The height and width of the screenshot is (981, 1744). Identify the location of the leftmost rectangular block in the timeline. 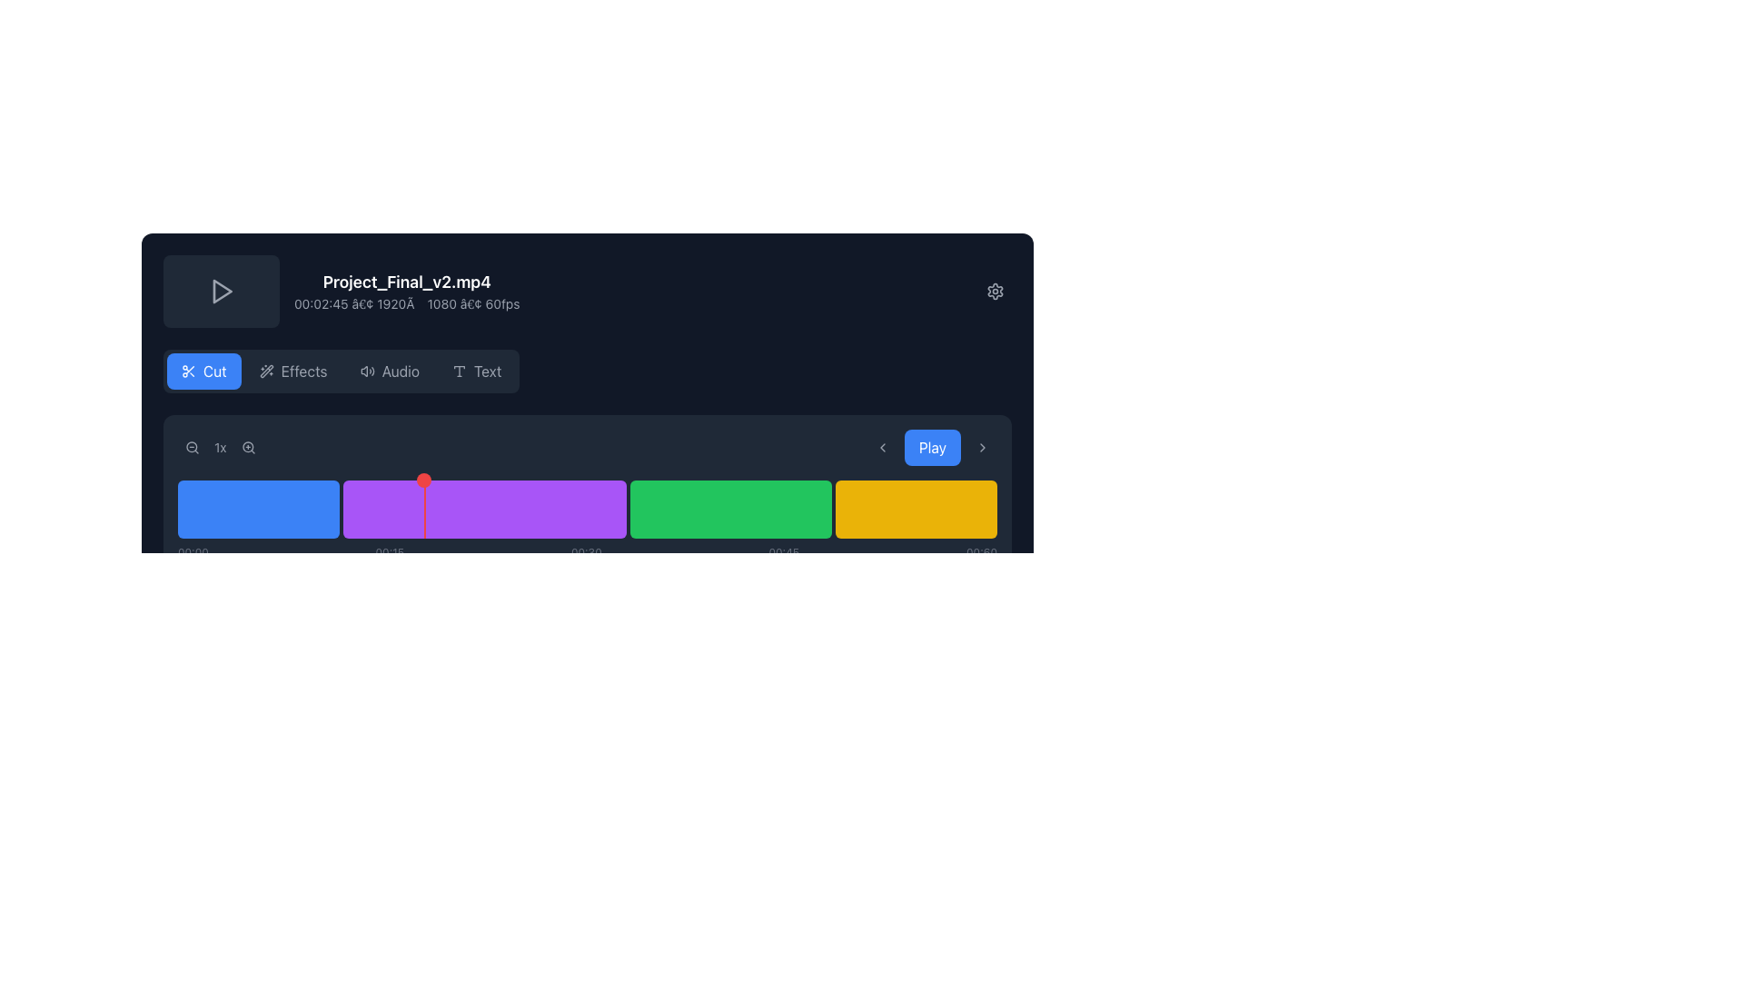
(257, 509).